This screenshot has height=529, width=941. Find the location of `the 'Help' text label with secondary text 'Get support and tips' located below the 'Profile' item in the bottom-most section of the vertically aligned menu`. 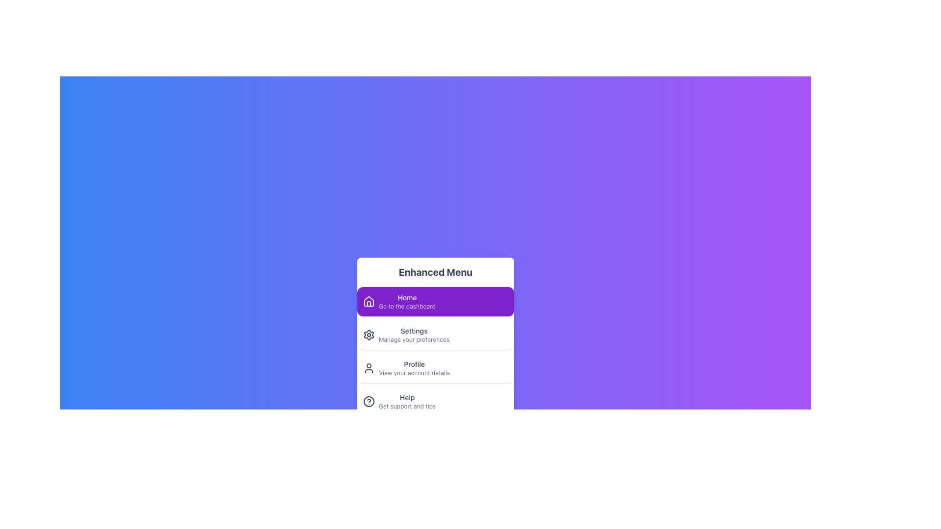

the 'Help' text label with secondary text 'Get support and tips' located below the 'Profile' item in the bottom-most section of the vertically aligned menu is located at coordinates (407, 402).